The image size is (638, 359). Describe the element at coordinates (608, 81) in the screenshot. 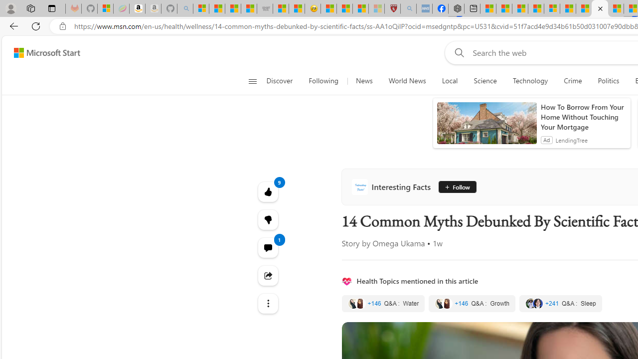

I see `'Politics'` at that location.